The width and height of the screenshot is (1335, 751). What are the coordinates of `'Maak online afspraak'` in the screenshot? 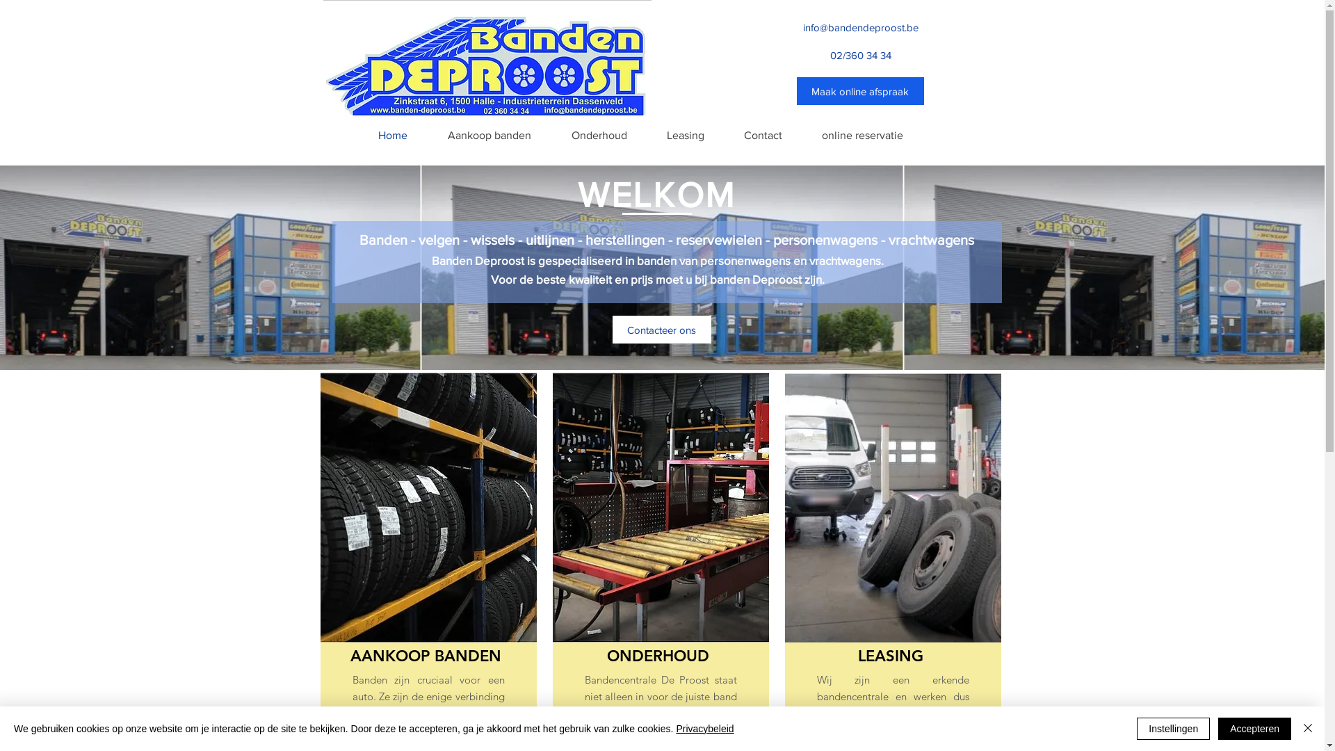 It's located at (859, 91).